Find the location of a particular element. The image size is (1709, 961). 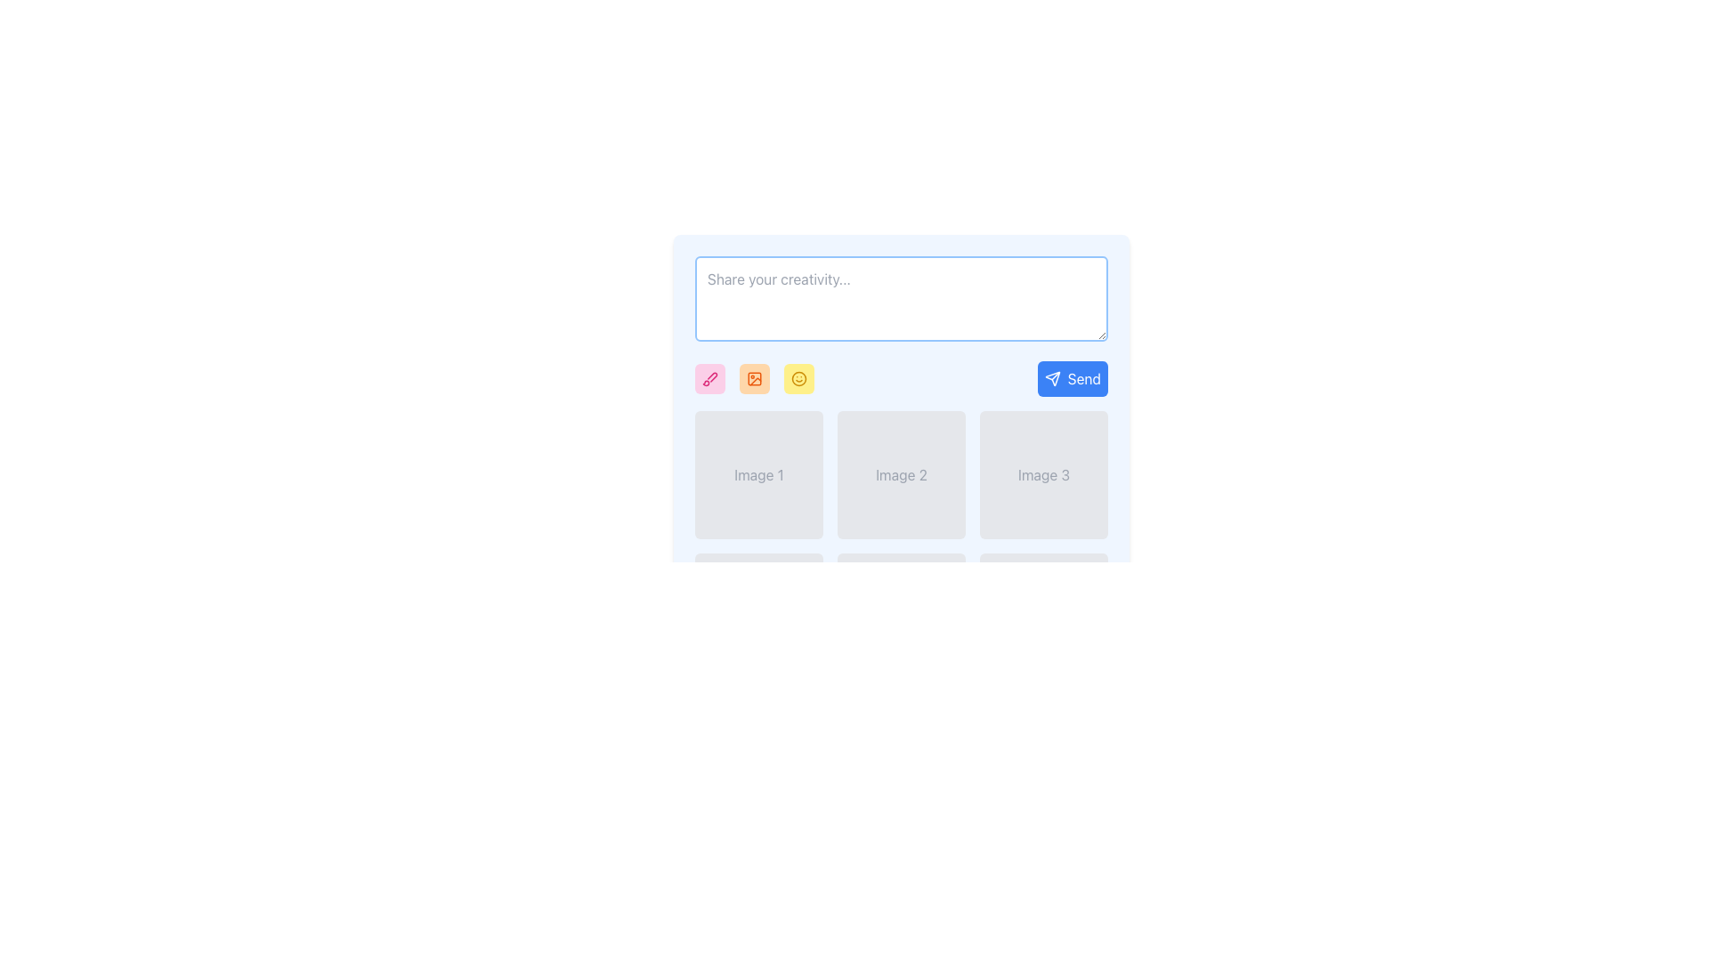

the send content icon located to the left of the 'Send' text within the 'Send' button is located at coordinates (1052, 377).